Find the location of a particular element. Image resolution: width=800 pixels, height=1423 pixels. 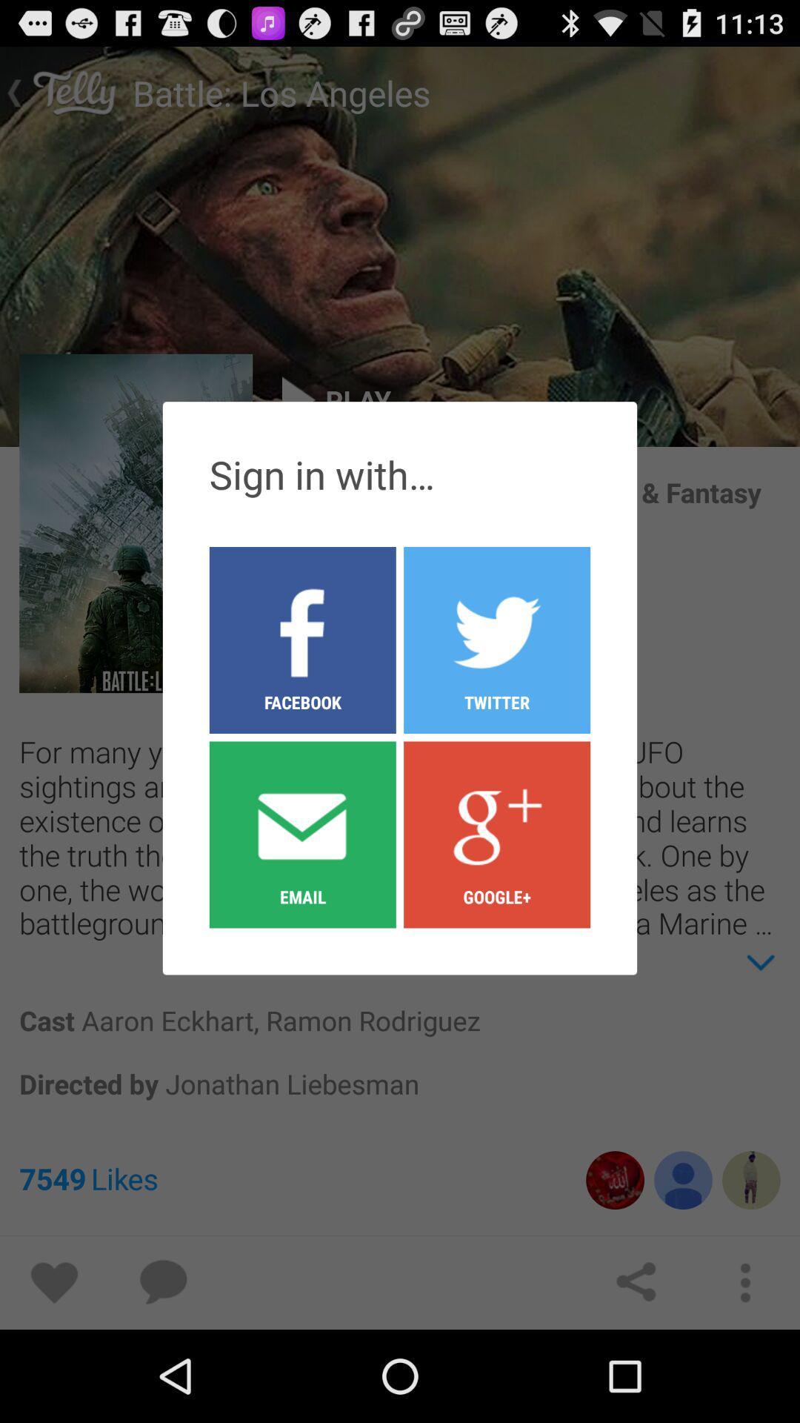

email button is located at coordinates (301, 834).